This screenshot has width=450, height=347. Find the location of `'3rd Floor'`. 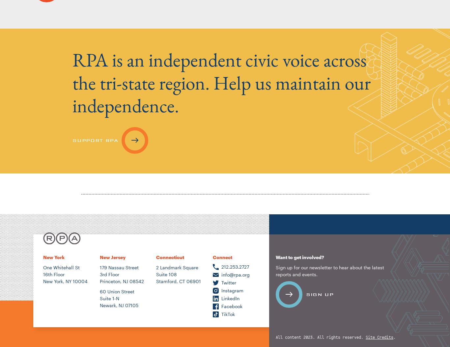

'3rd Floor' is located at coordinates (109, 274).